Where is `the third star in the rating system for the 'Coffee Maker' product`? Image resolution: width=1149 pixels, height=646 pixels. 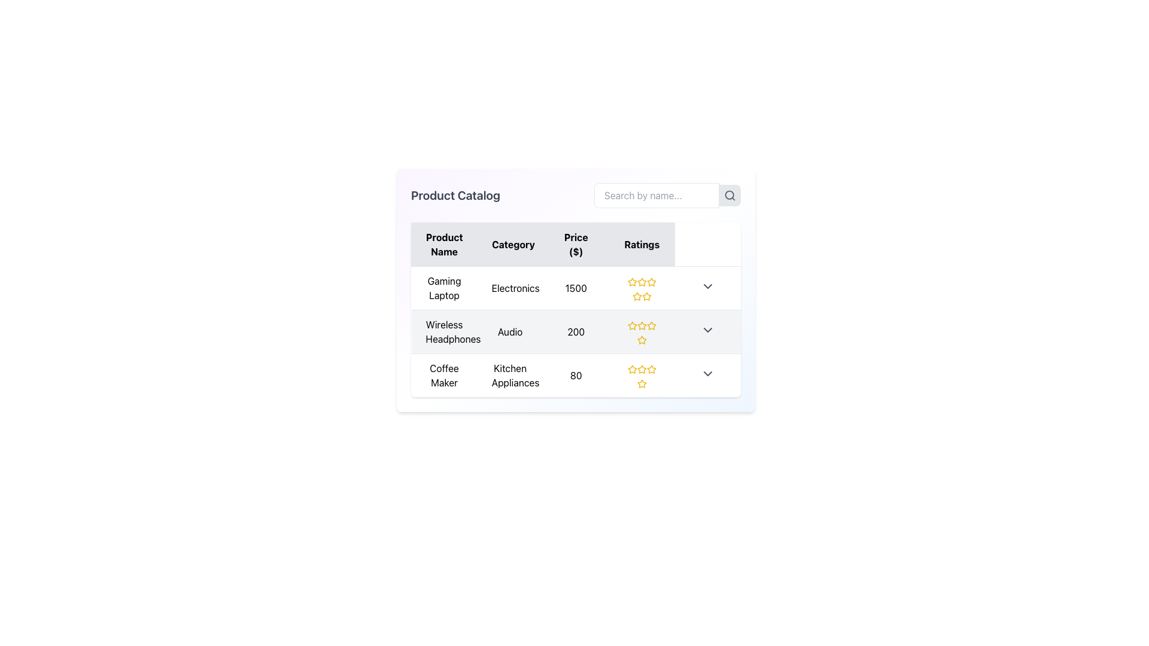 the third star in the rating system for the 'Coffee Maker' product is located at coordinates (631, 368).